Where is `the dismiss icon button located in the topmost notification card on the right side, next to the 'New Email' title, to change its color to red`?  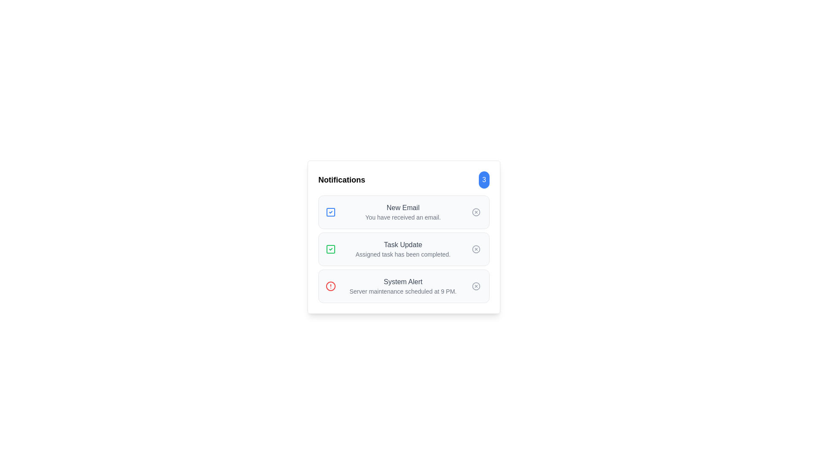
the dismiss icon button located in the topmost notification card on the right side, next to the 'New Email' title, to change its color to red is located at coordinates (476, 212).